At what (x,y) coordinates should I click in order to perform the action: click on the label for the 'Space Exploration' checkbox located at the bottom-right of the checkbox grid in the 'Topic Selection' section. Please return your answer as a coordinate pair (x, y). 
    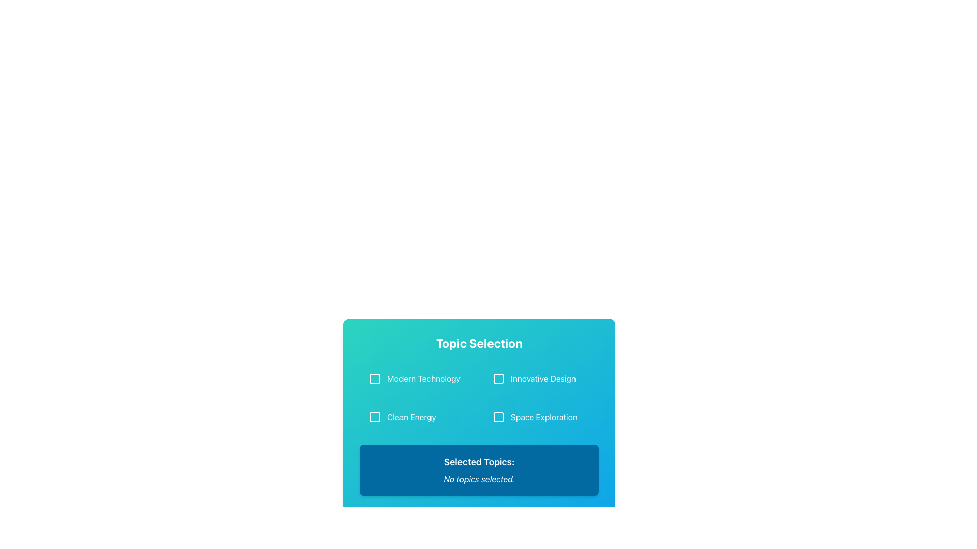
    Looking at the image, I should click on (543, 417).